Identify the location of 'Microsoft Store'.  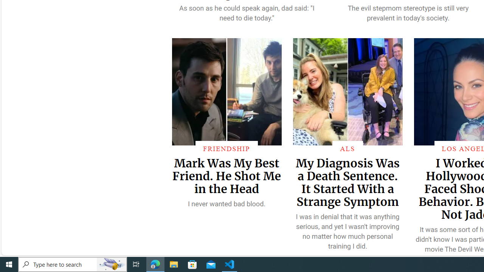
(192, 264).